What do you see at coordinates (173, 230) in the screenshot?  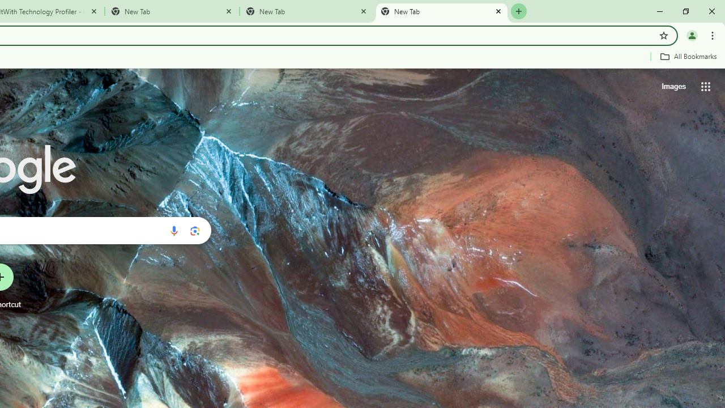 I see `'Search by voice'` at bounding box center [173, 230].